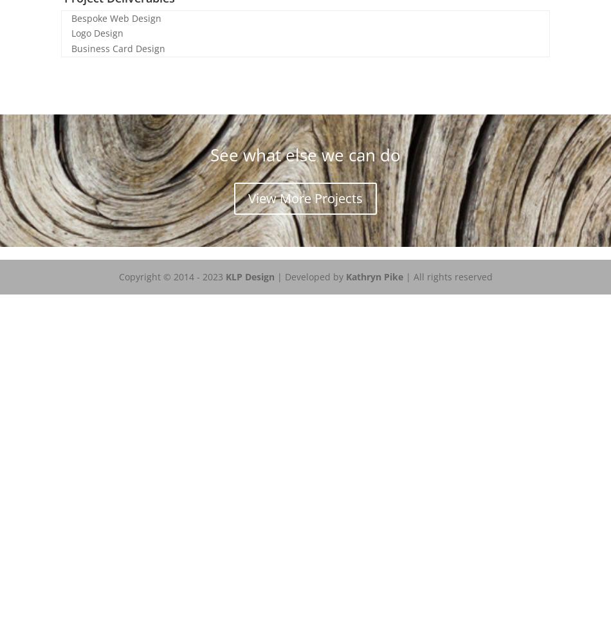 The image size is (611, 643). What do you see at coordinates (118, 276) in the screenshot?
I see `'Copyright © 2014 - 2023'` at bounding box center [118, 276].